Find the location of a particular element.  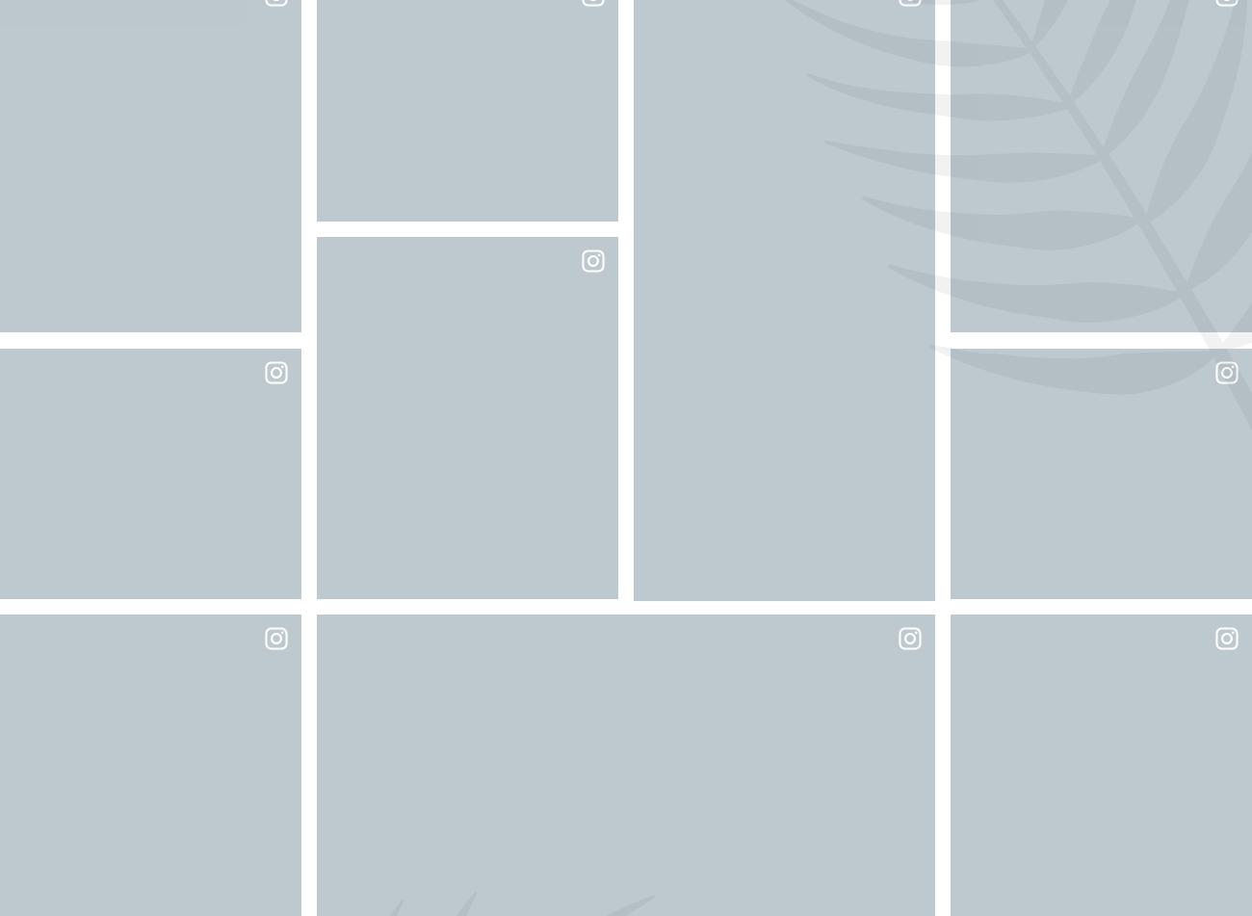

'Planning a weekend escape to Santa Barbara? Check out what @eatsdrinksandstays did in just 24hrs! 

📹: @eatsdrinksandst...' is located at coordinates (664, 312).